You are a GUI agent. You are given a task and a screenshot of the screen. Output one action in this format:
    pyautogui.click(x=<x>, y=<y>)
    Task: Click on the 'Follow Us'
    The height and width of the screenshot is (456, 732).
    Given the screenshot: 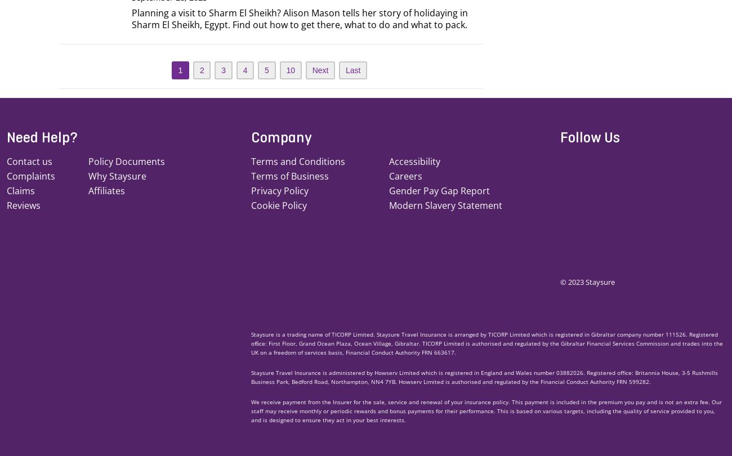 What is the action you would take?
    pyautogui.click(x=590, y=136)
    